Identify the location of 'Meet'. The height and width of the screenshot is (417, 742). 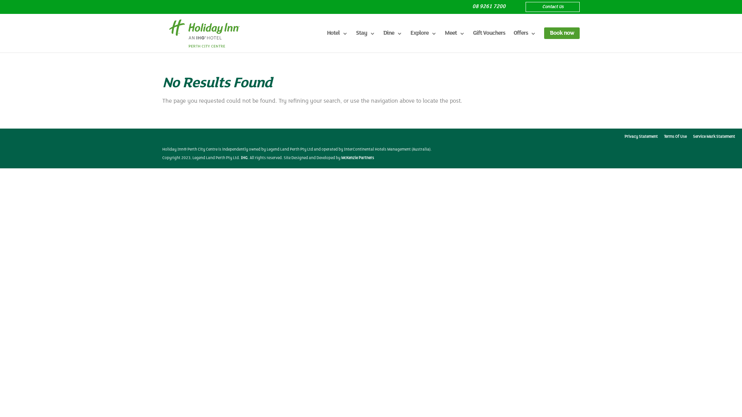
(454, 39).